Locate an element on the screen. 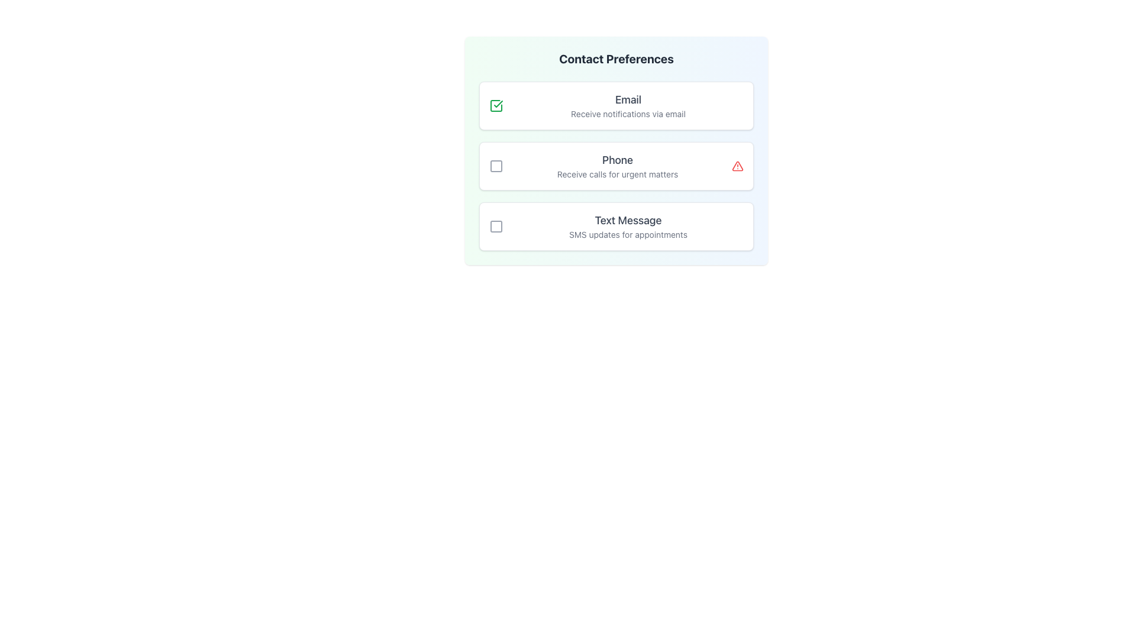 The image size is (1136, 639). the text label that specifies the notification preference method for the associated checkbox, positioned above the description text 'Receive notifications via email' is located at coordinates (627, 99).